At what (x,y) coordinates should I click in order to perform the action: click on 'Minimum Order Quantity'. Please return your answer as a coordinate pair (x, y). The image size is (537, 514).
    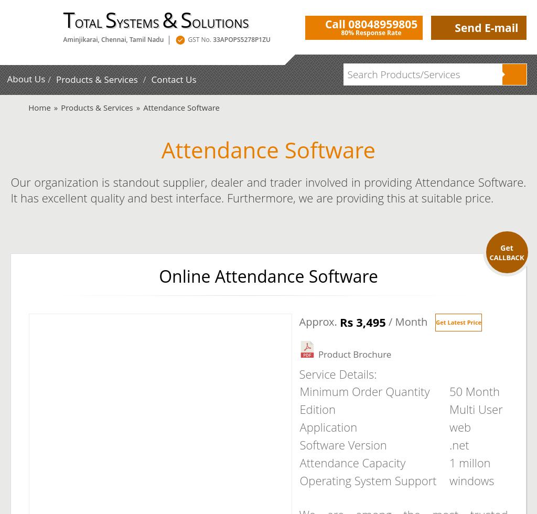
    Looking at the image, I should click on (364, 391).